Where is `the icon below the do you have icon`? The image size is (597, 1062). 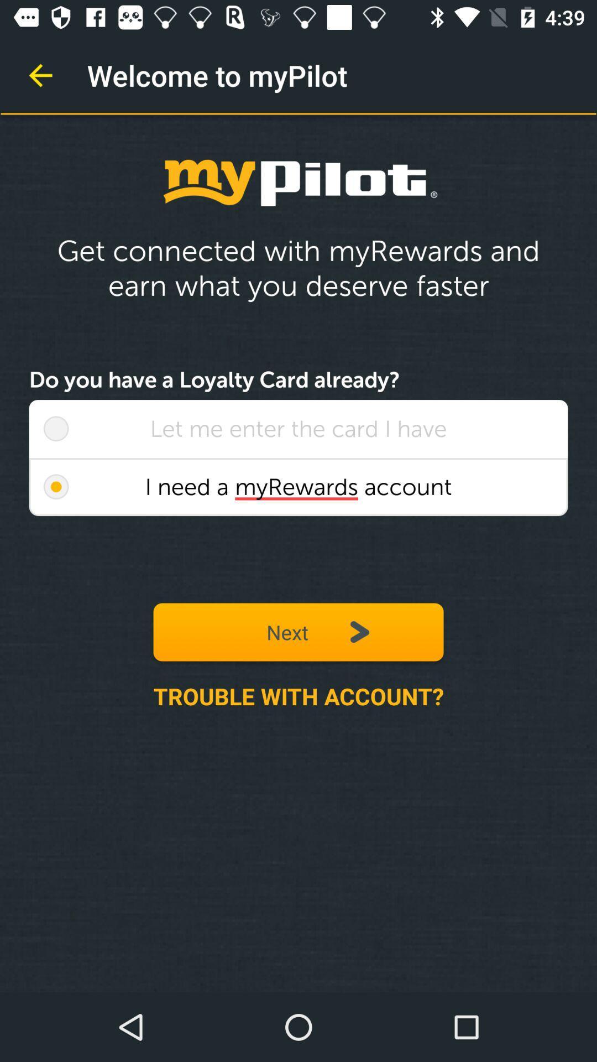
the icon below the do you have icon is located at coordinates (56, 428).